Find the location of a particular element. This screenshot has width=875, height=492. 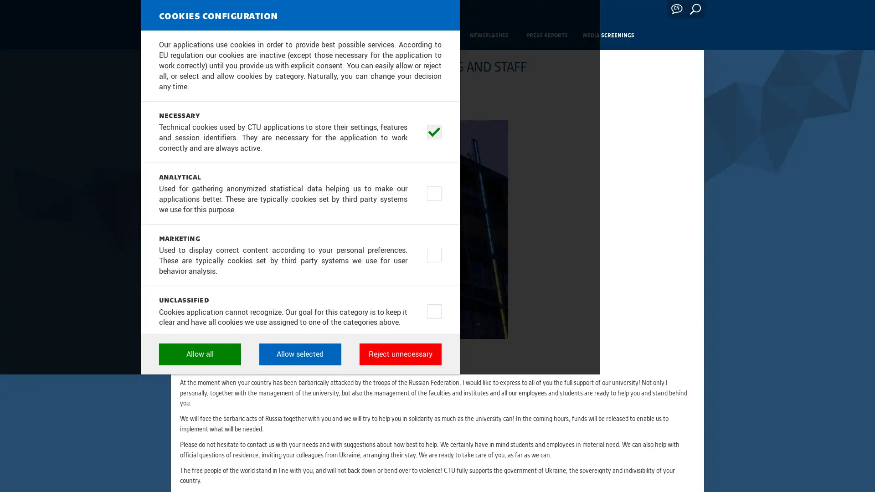

Allow selected is located at coordinates (437, 449).